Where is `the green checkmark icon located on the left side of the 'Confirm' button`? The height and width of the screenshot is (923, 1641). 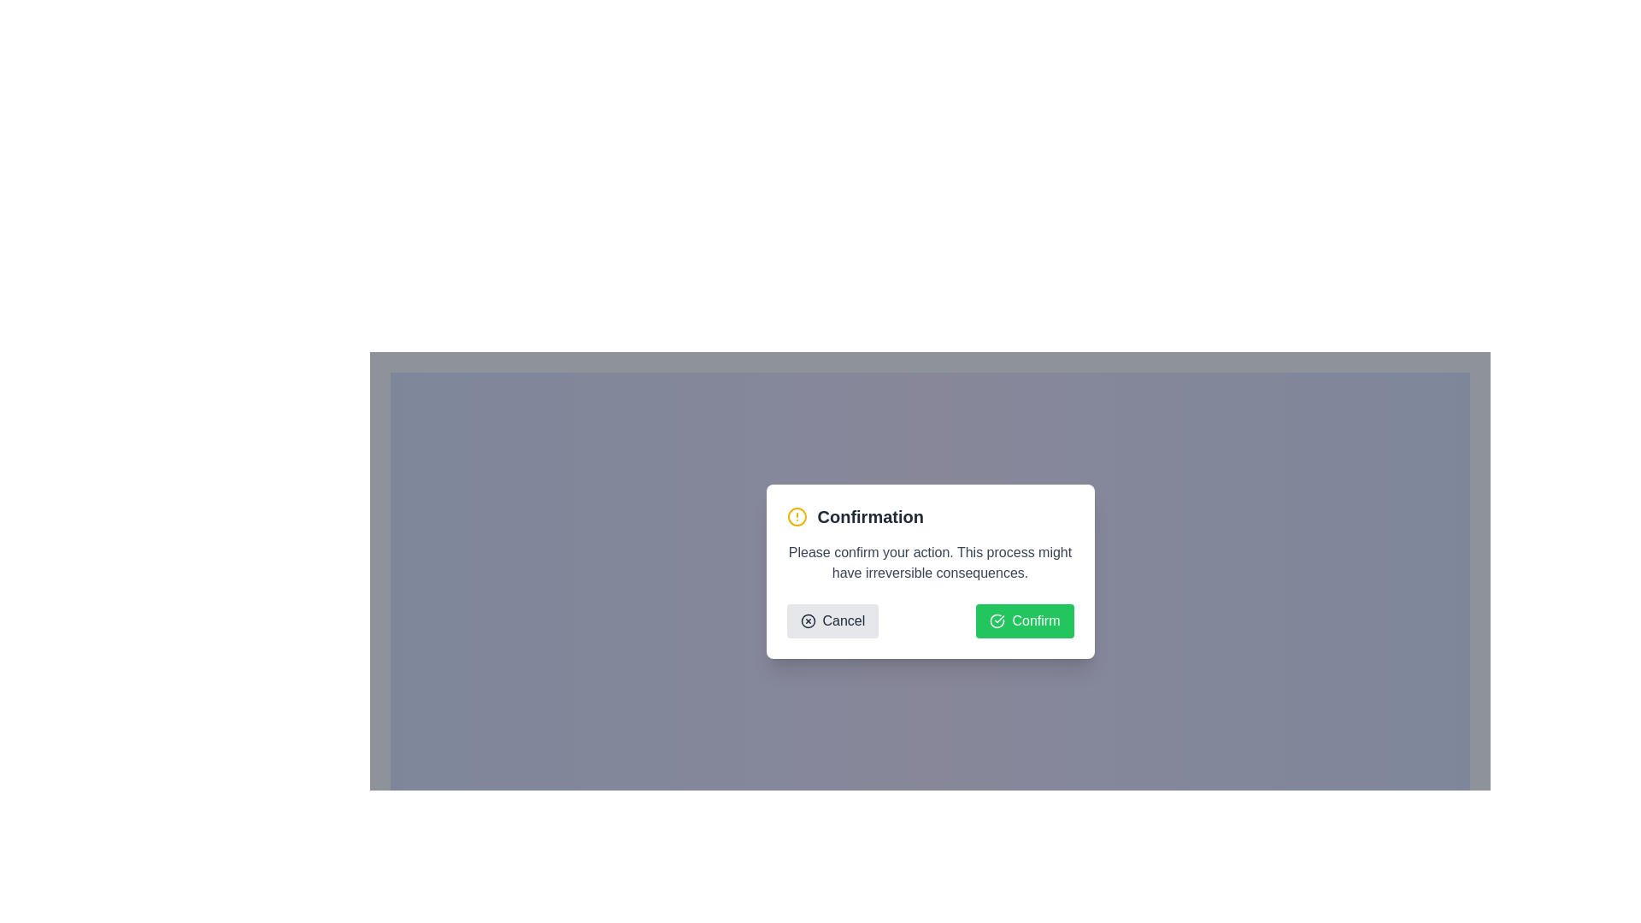
the green checkmark icon located on the left side of the 'Confirm' button is located at coordinates (997, 620).